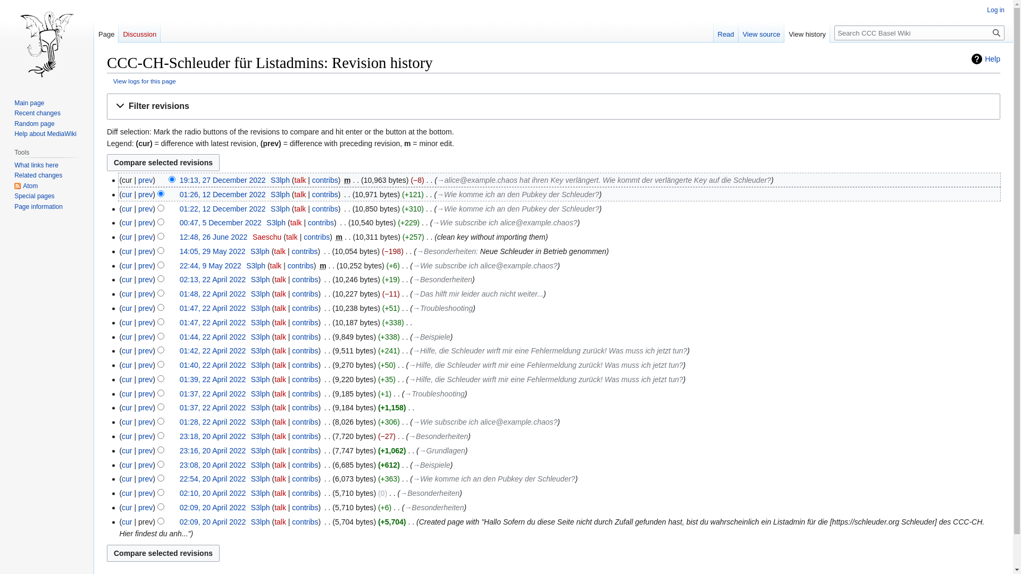  What do you see at coordinates (106, 31) in the screenshot?
I see `'Page'` at bounding box center [106, 31].